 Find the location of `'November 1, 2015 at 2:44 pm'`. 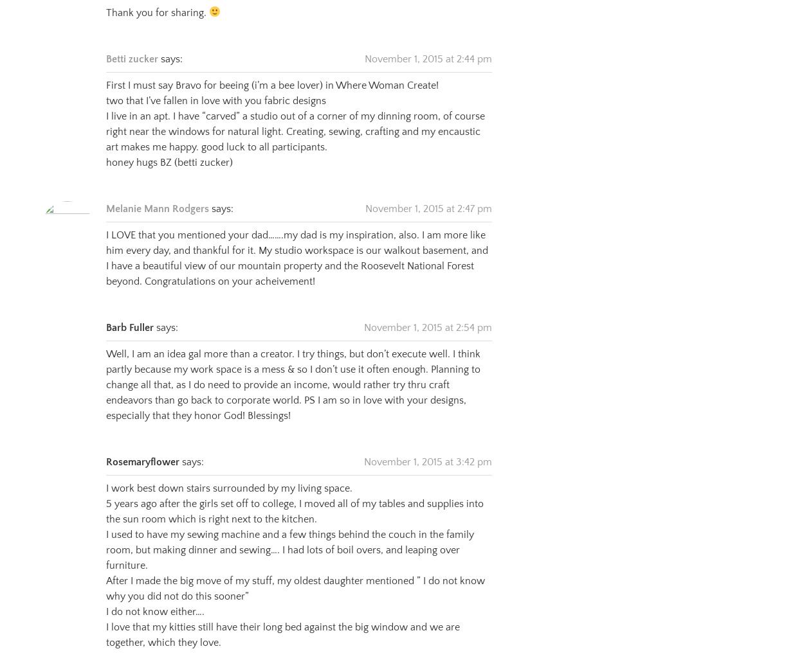

'November 1, 2015 at 2:44 pm' is located at coordinates (428, 42).